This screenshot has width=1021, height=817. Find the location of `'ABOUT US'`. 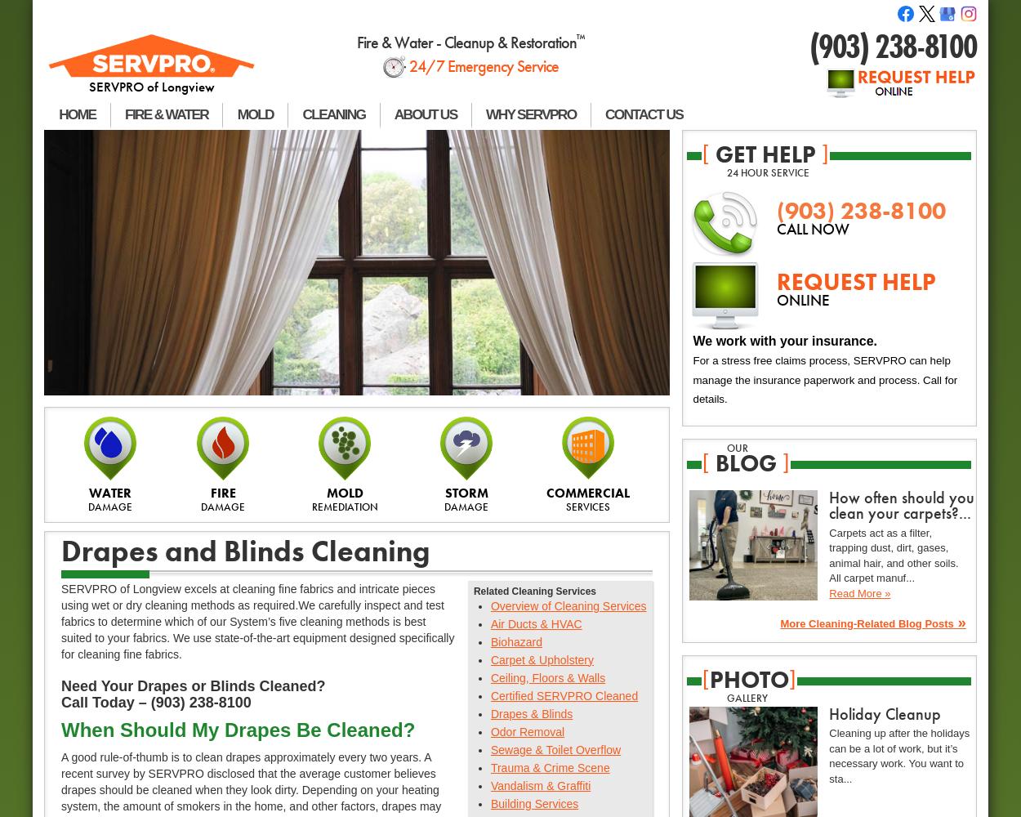

'ABOUT US' is located at coordinates (425, 114).